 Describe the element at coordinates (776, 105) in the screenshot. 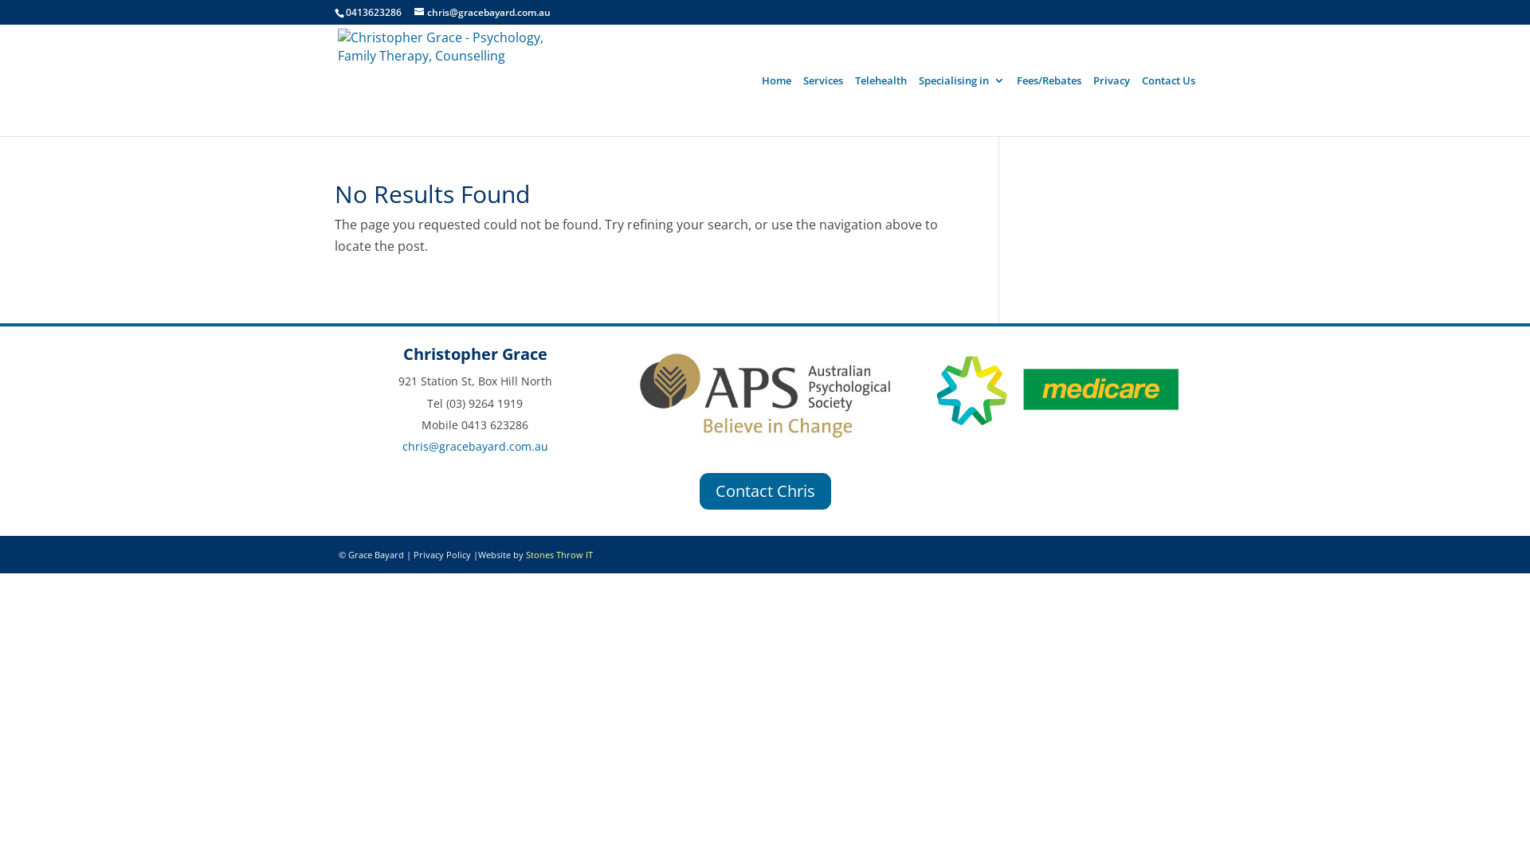

I see `'Home'` at that location.